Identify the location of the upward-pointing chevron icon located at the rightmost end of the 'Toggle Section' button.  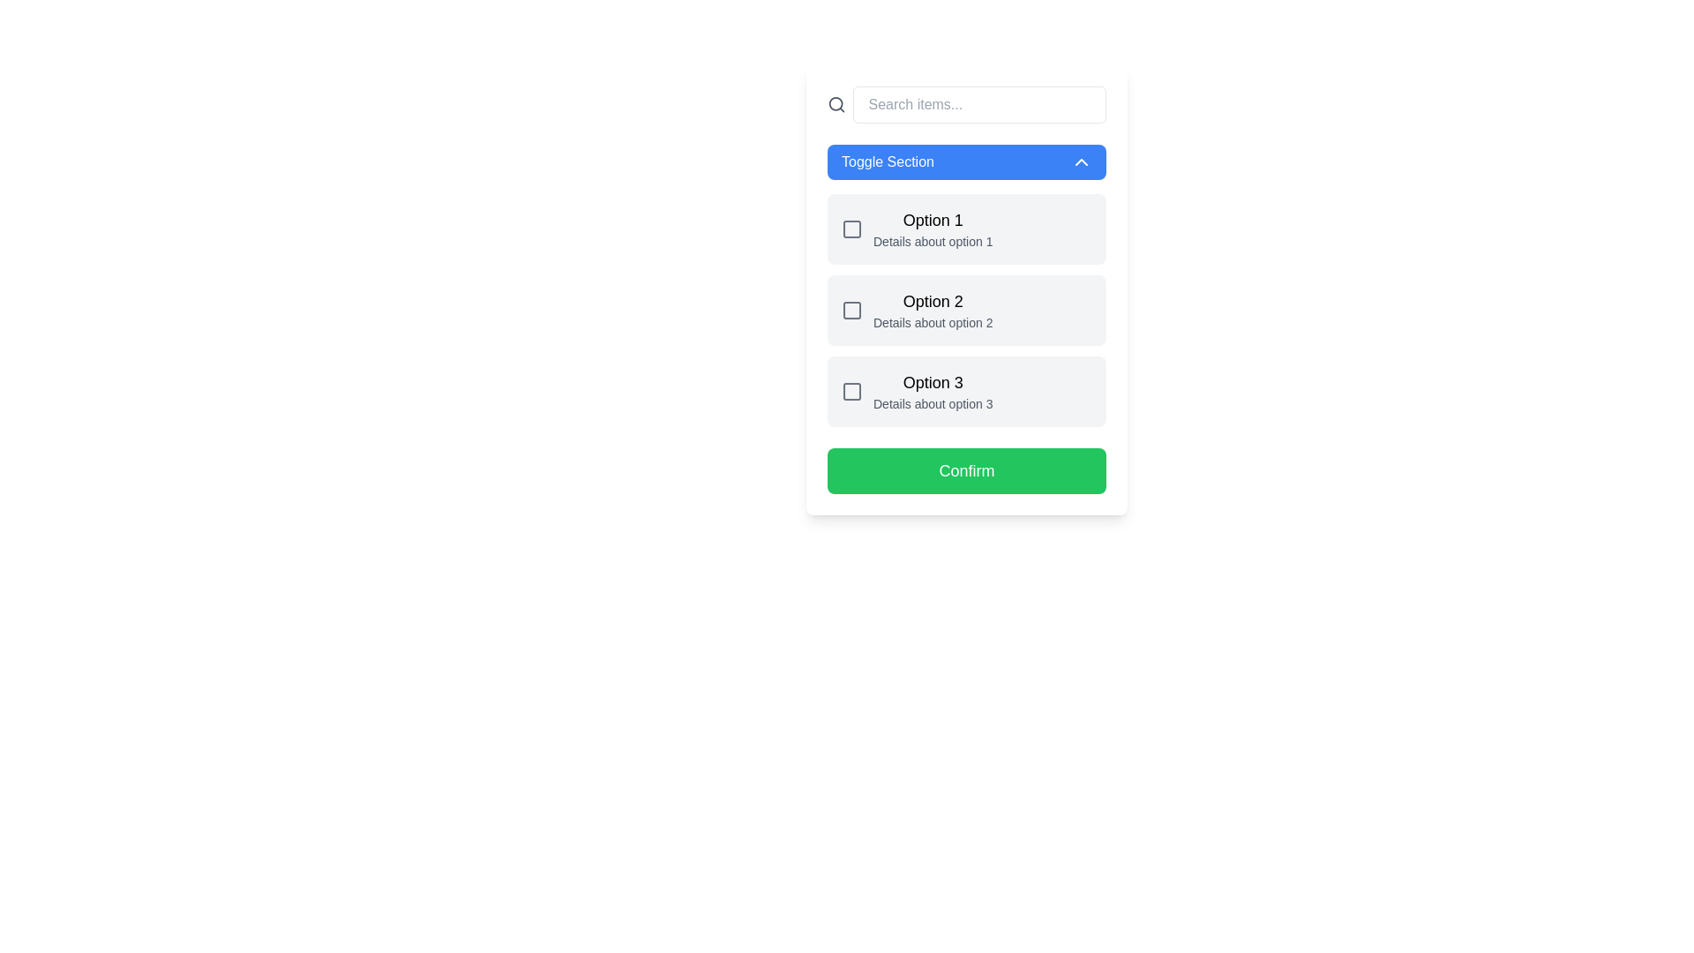
(1080, 162).